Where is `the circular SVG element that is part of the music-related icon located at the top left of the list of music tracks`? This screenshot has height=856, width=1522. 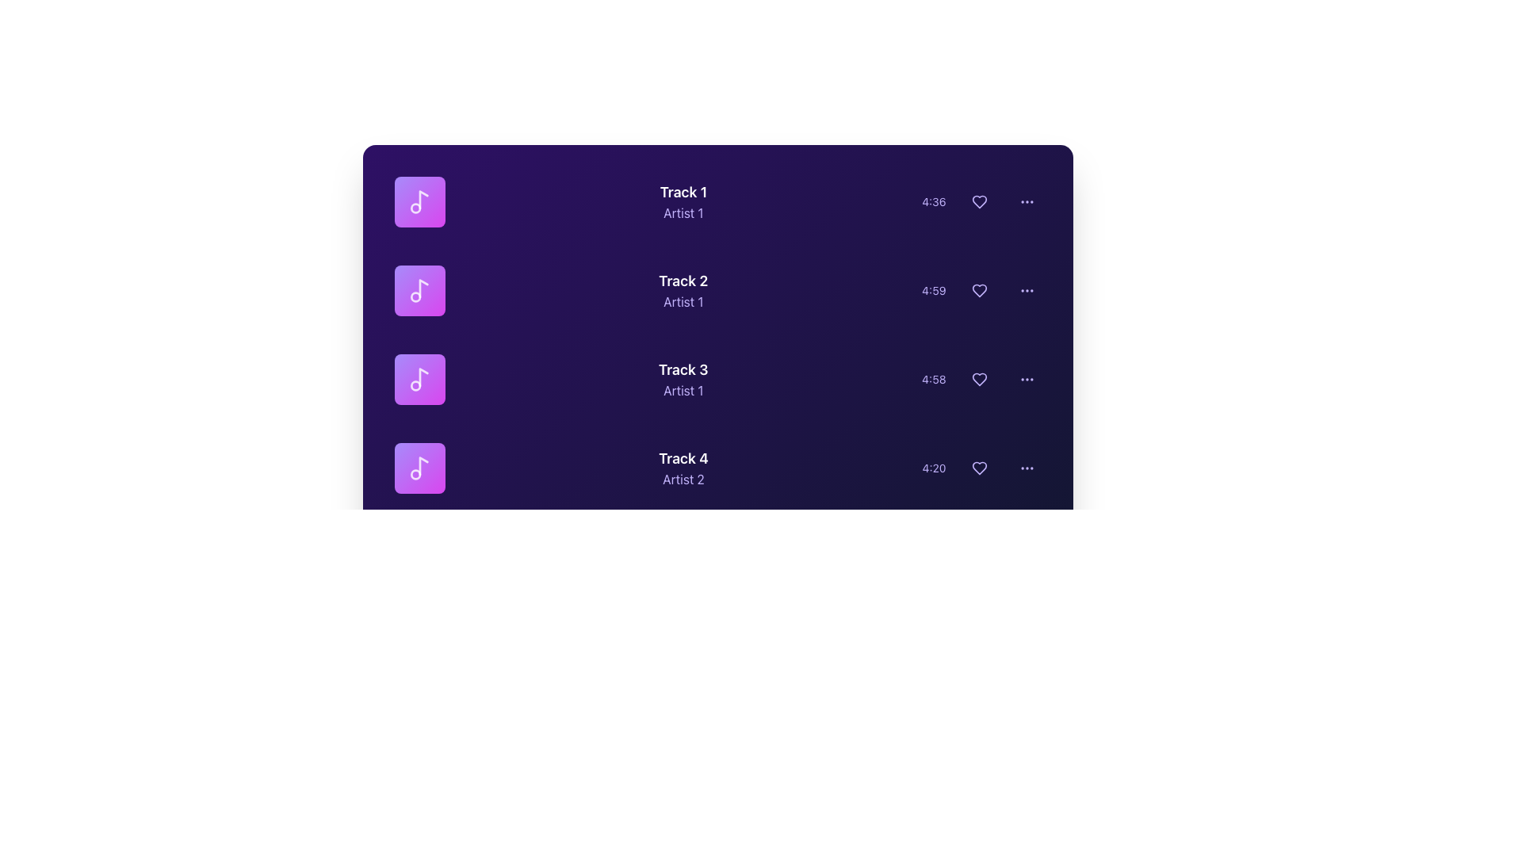
the circular SVG element that is part of the music-related icon located at the top left of the list of music tracks is located at coordinates (415, 207).